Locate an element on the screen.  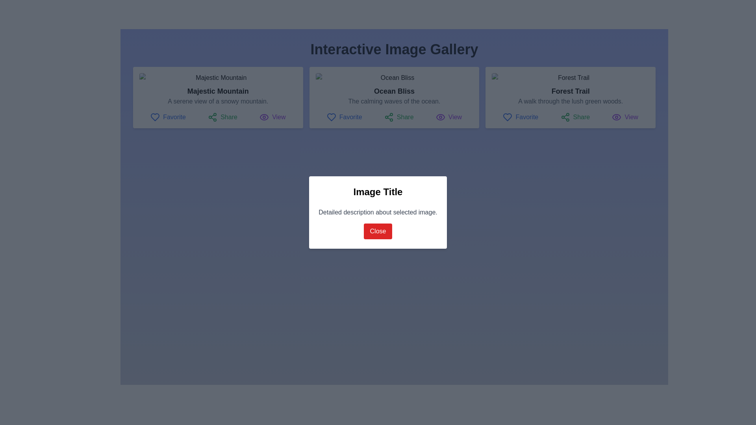
the 'View' button located on the far right within a row of interactive items, positioned under the 'Majestic Mountain' card is located at coordinates (272, 117).